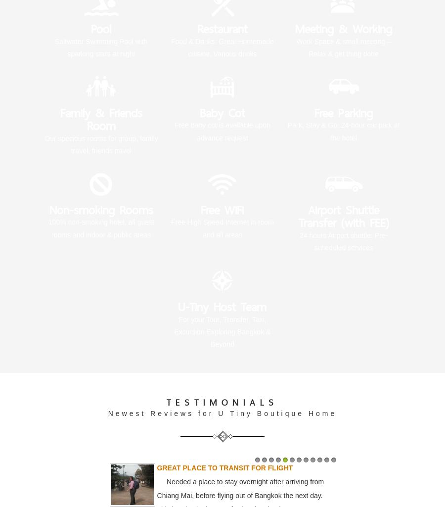 The width and height of the screenshot is (445, 507). What do you see at coordinates (316, 469) in the screenshot?
I see `'10'` at bounding box center [316, 469].